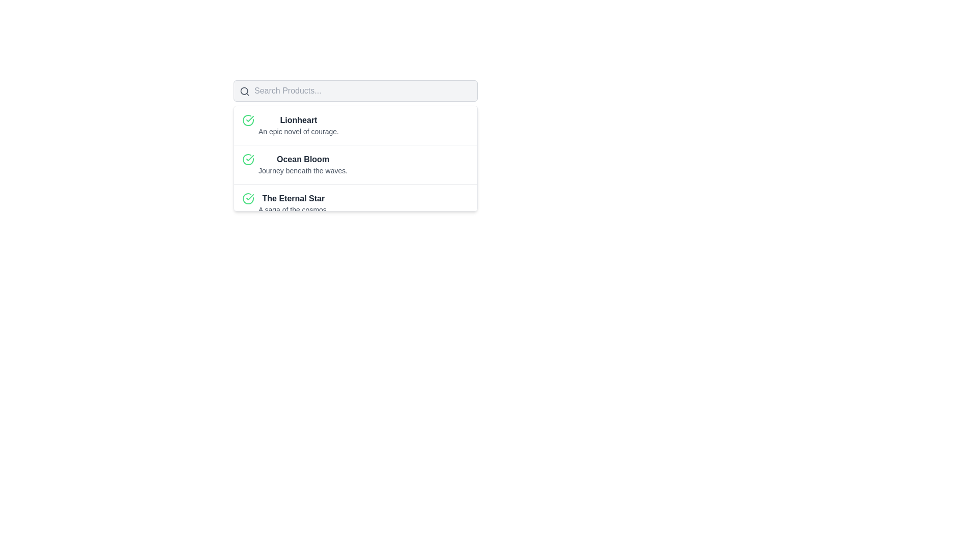  What do you see at coordinates (298, 131) in the screenshot?
I see `the text label providing additional context for the item titled 'Lionheart', located directly beneath the title in the first list entry` at bounding box center [298, 131].